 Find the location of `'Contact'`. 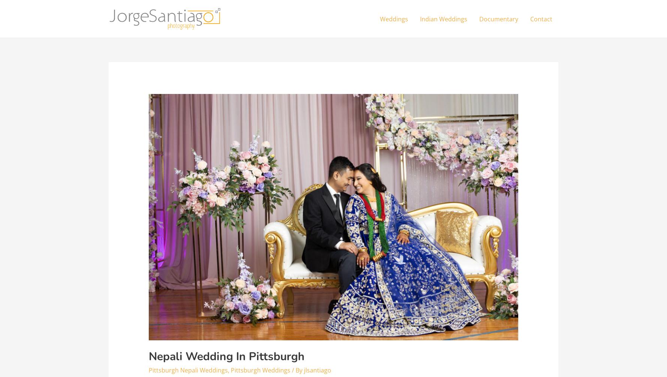

'Contact' is located at coordinates (541, 19).